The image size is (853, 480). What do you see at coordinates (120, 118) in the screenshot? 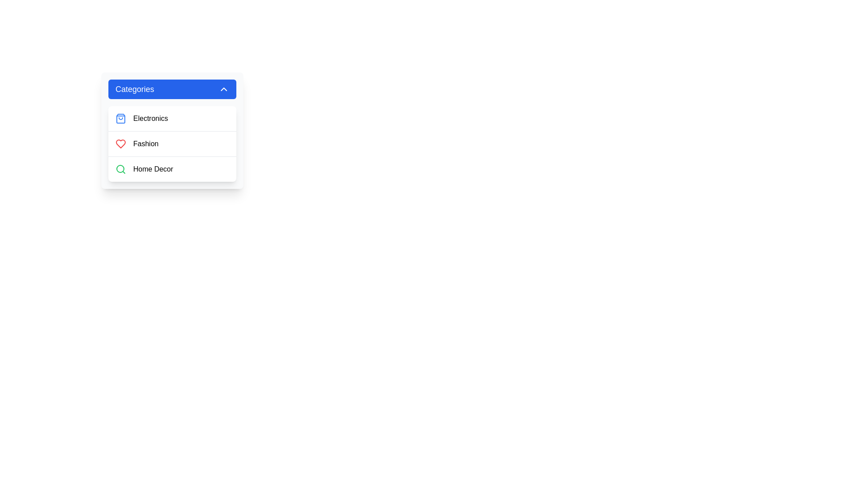
I see `the Electronics category icon located in the first row of the dropdown list under the 'Categories' heading, positioned to the left of the 'Electronics' text label` at bounding box center [120, 118].